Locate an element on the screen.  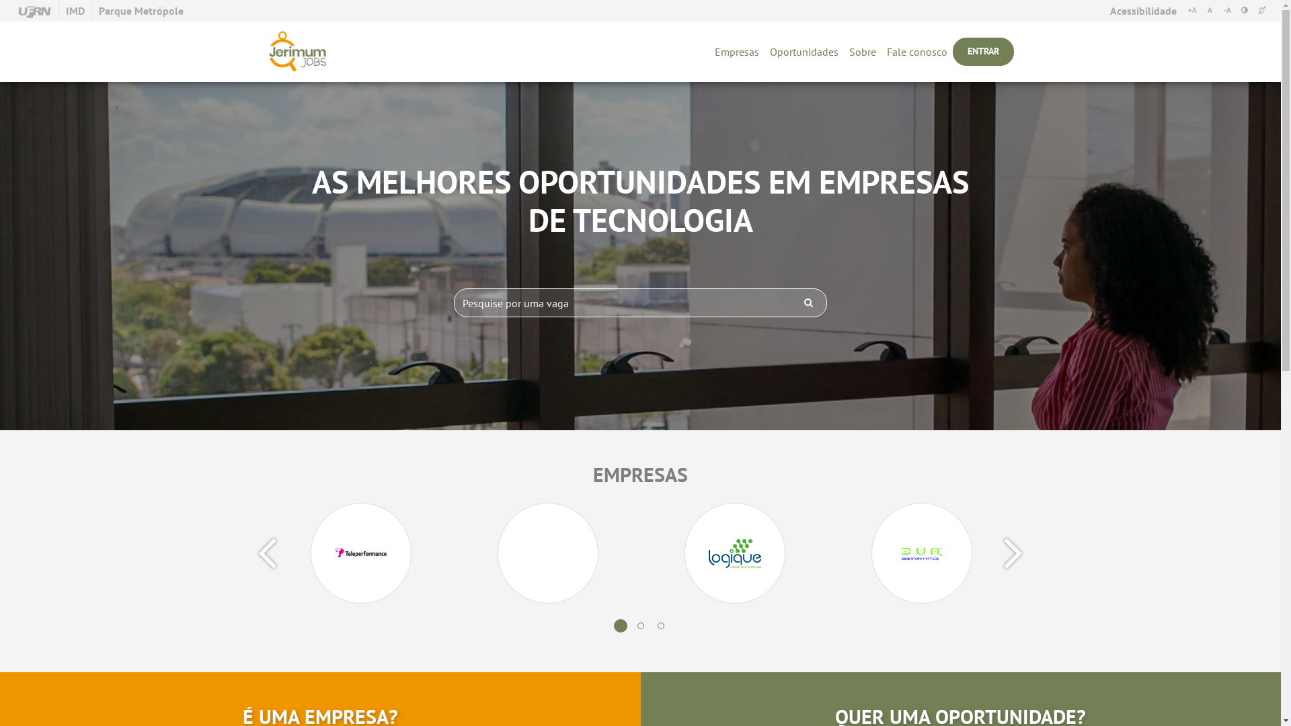
'1' is located at coordinates (619, 625).